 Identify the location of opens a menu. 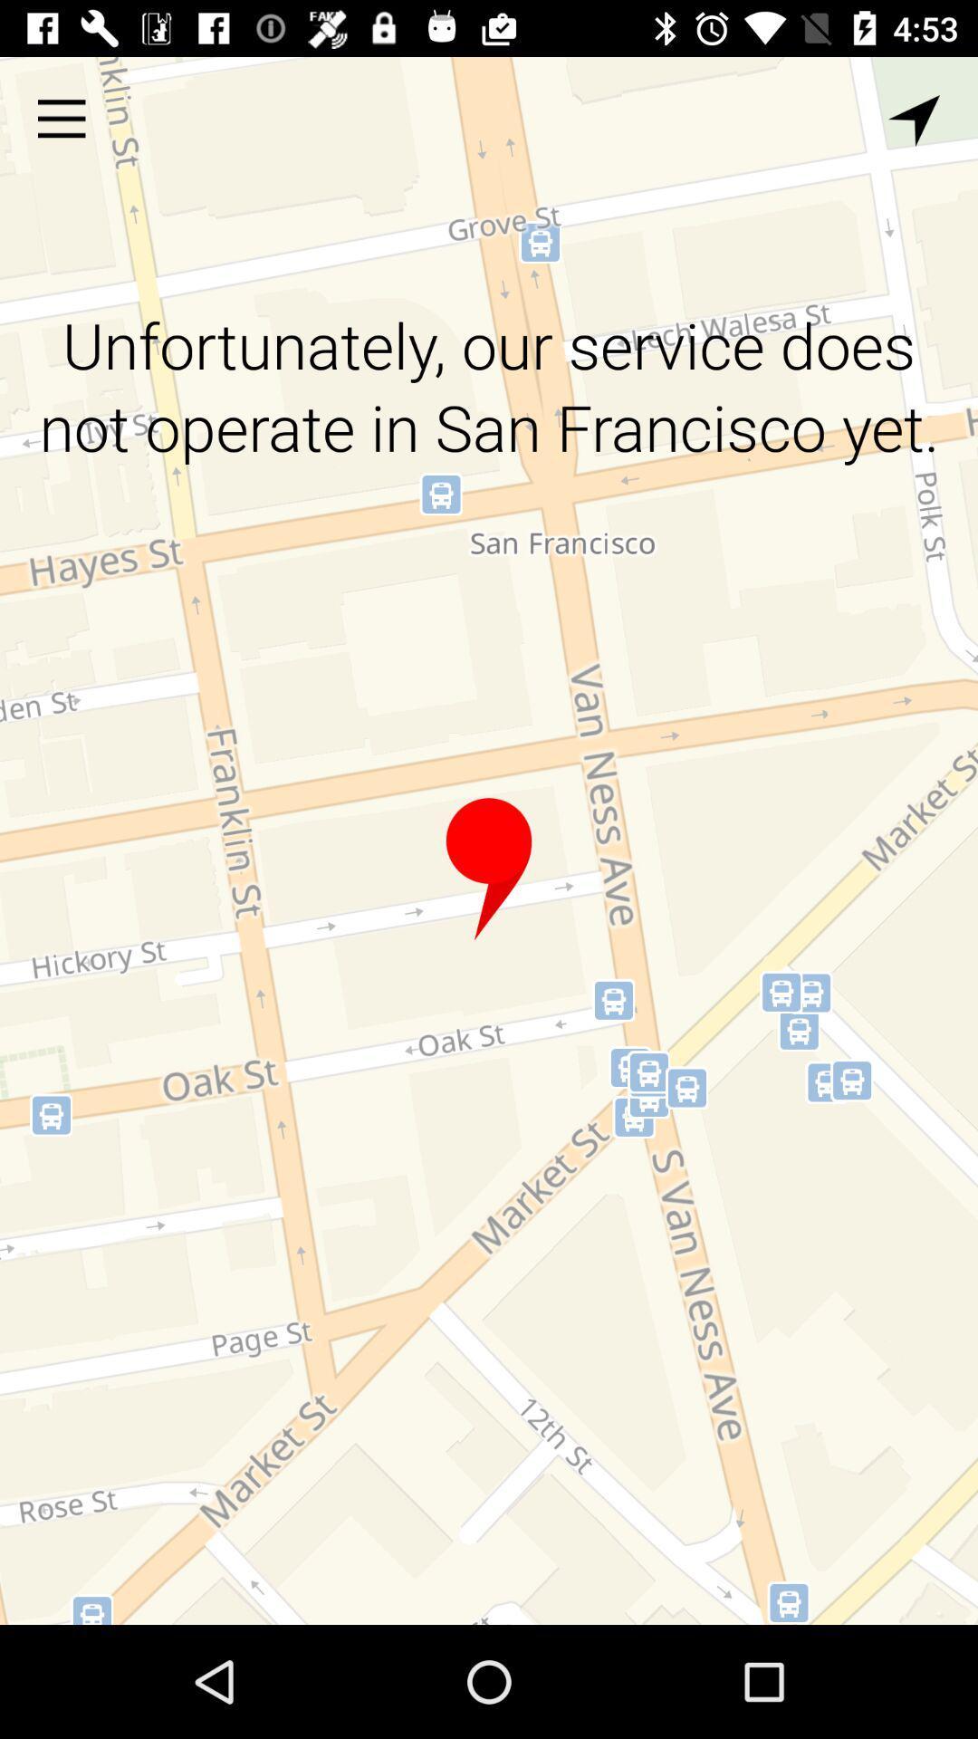
(61, 118).